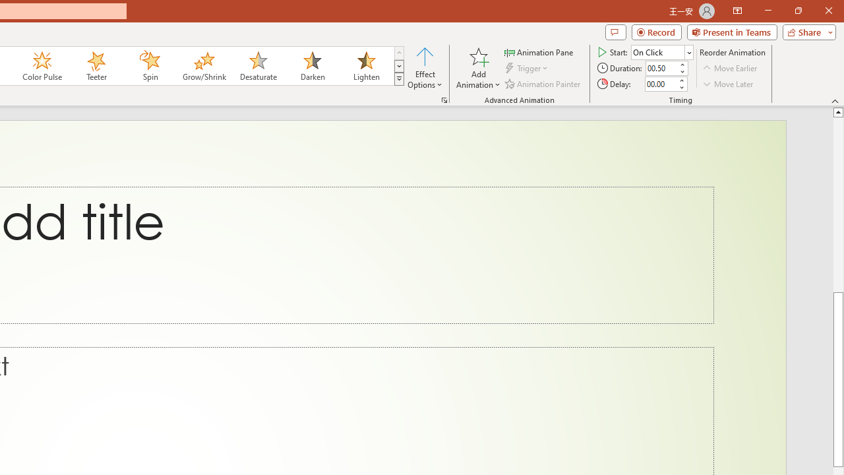  What do you see at coordinates (543, 84) in the screenshot?
I see `'Animation Painter'` at bounding box center [543, 84].